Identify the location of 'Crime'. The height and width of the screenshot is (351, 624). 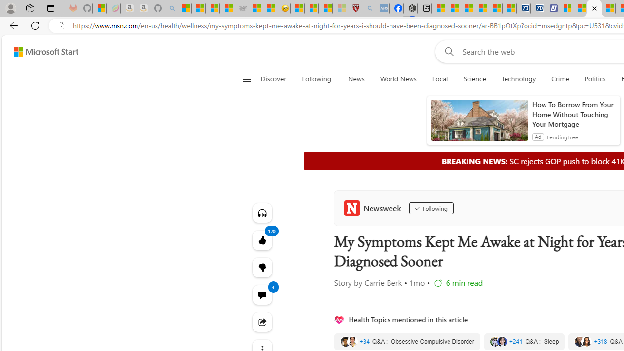
(560, 79).